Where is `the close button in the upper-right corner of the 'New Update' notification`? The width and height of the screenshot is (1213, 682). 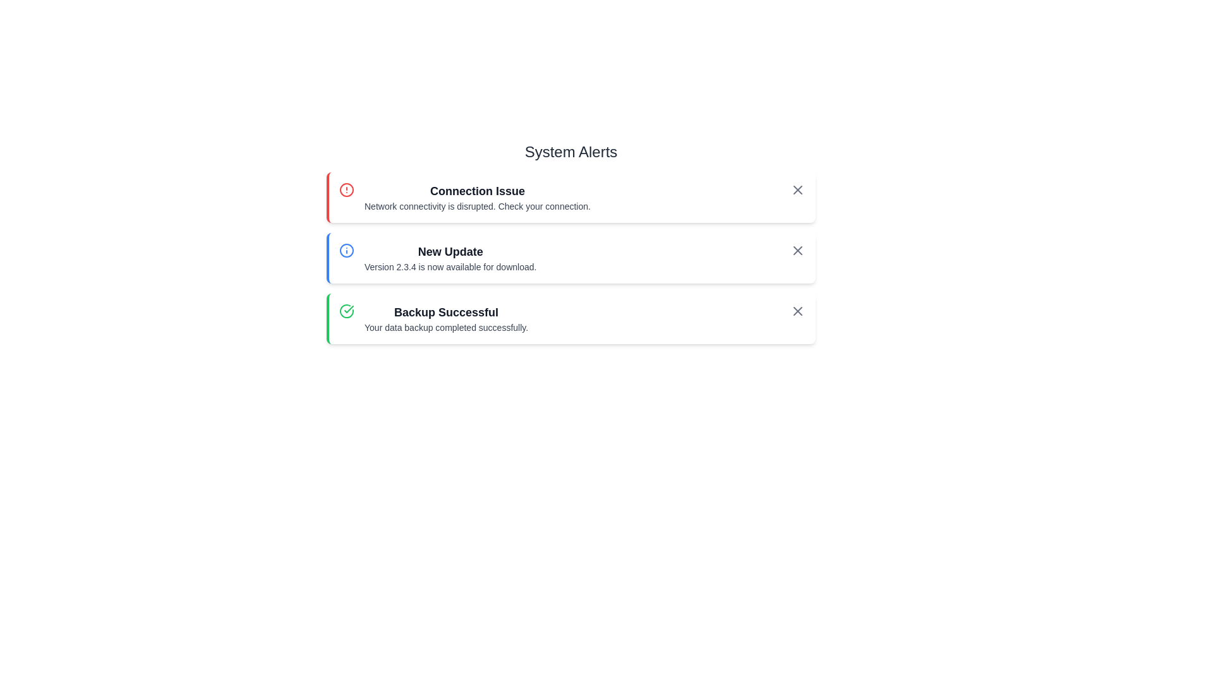 the close button in the upper-right corner of the 'New Update' notification is located at coordinates (797, 251).